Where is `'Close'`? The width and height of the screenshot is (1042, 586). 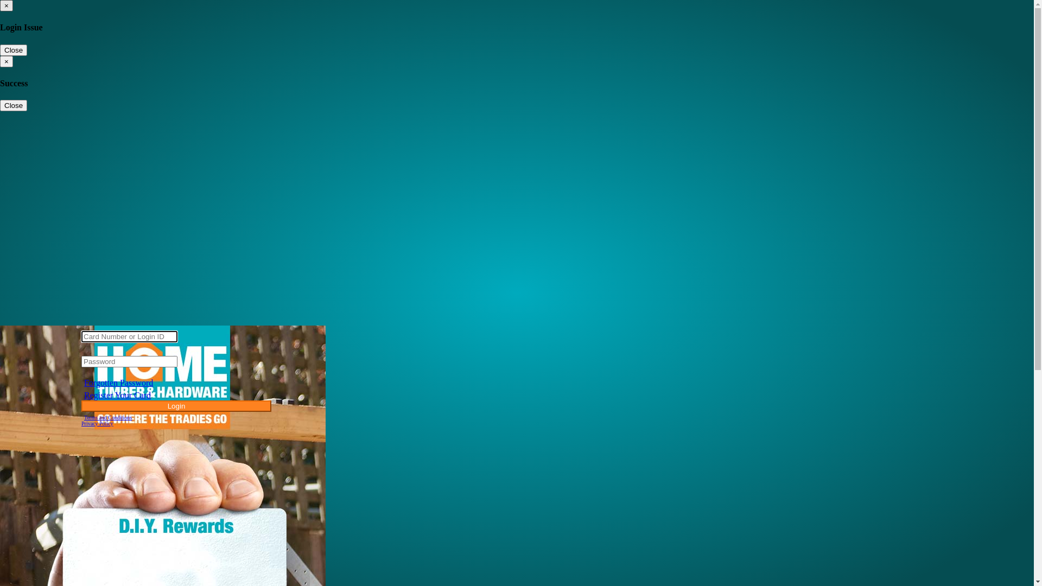 'Close' is located at coordinates (13, 105).